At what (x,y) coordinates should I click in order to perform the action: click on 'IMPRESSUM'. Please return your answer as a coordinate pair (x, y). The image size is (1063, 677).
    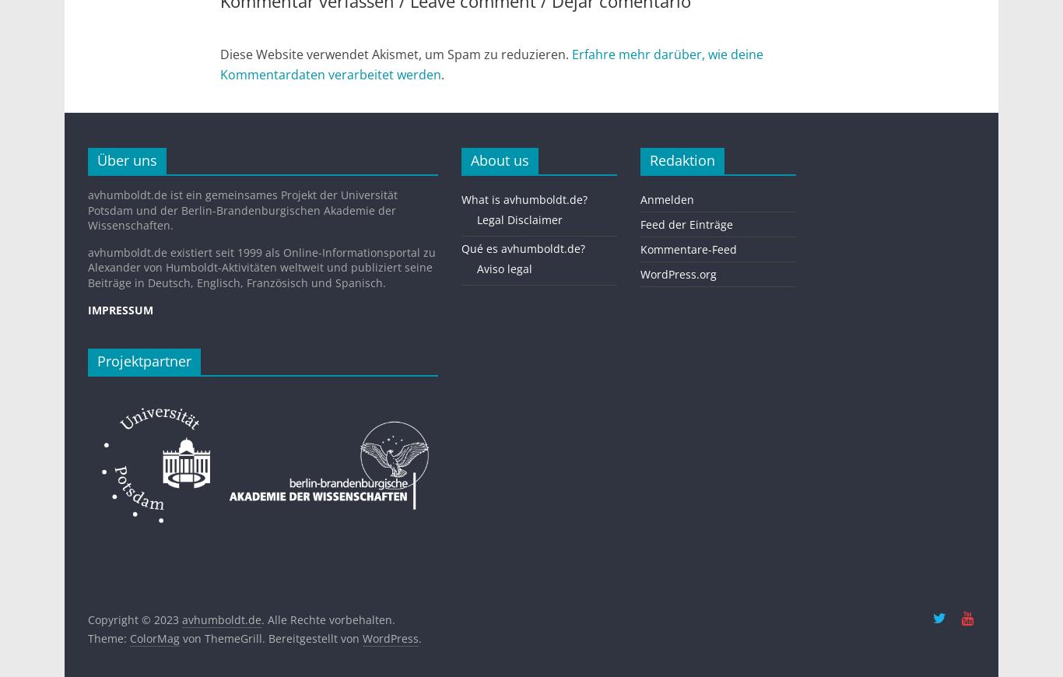
    Looking at the image, I should click on (120, 309).